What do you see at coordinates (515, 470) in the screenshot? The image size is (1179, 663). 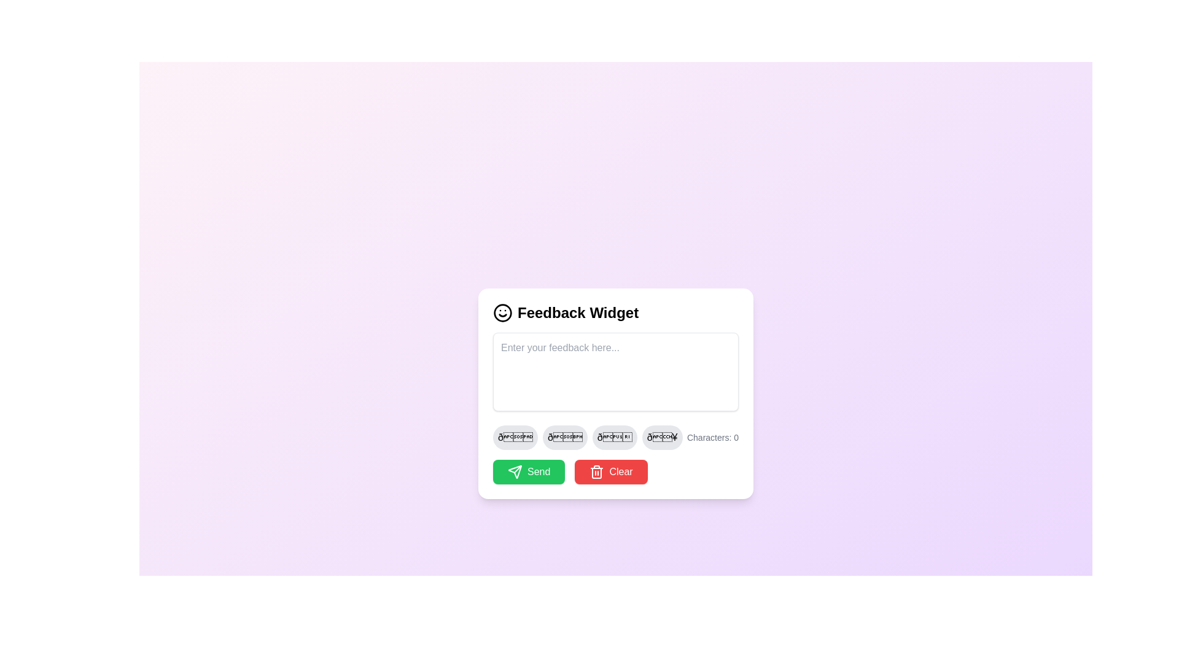 I see `the send icon located to the left of the green 'Send' button within the feedback widget layout` at bounding box center [515, 470].